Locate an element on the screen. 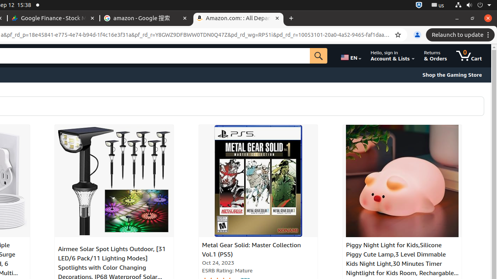 The width and height of the screenshot is (497, 279). 'Bookmark this tab' is located at coordinates (398, 35).